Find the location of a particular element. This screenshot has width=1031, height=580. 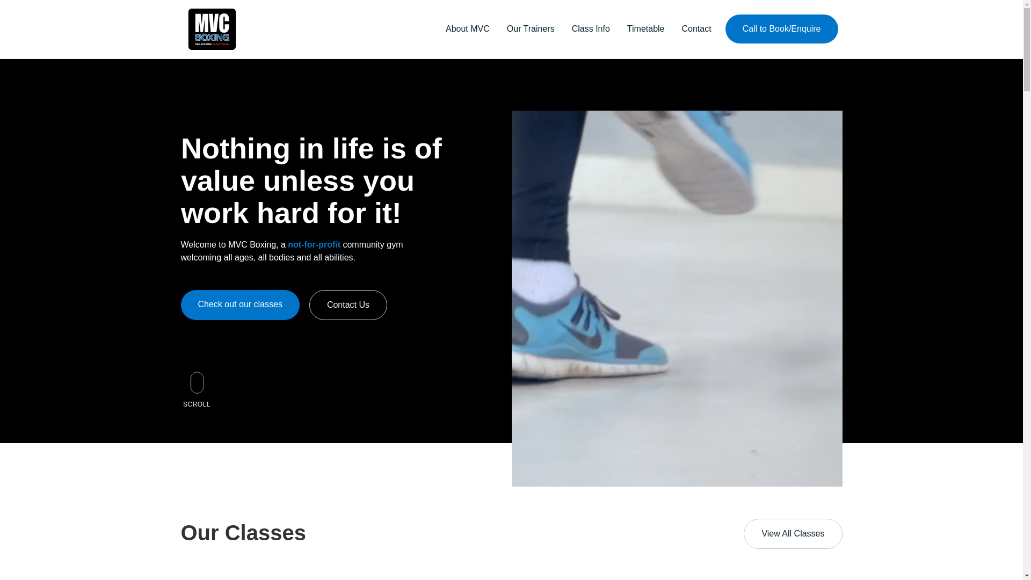

'Contact Us' is located at coordinates (309, 305).